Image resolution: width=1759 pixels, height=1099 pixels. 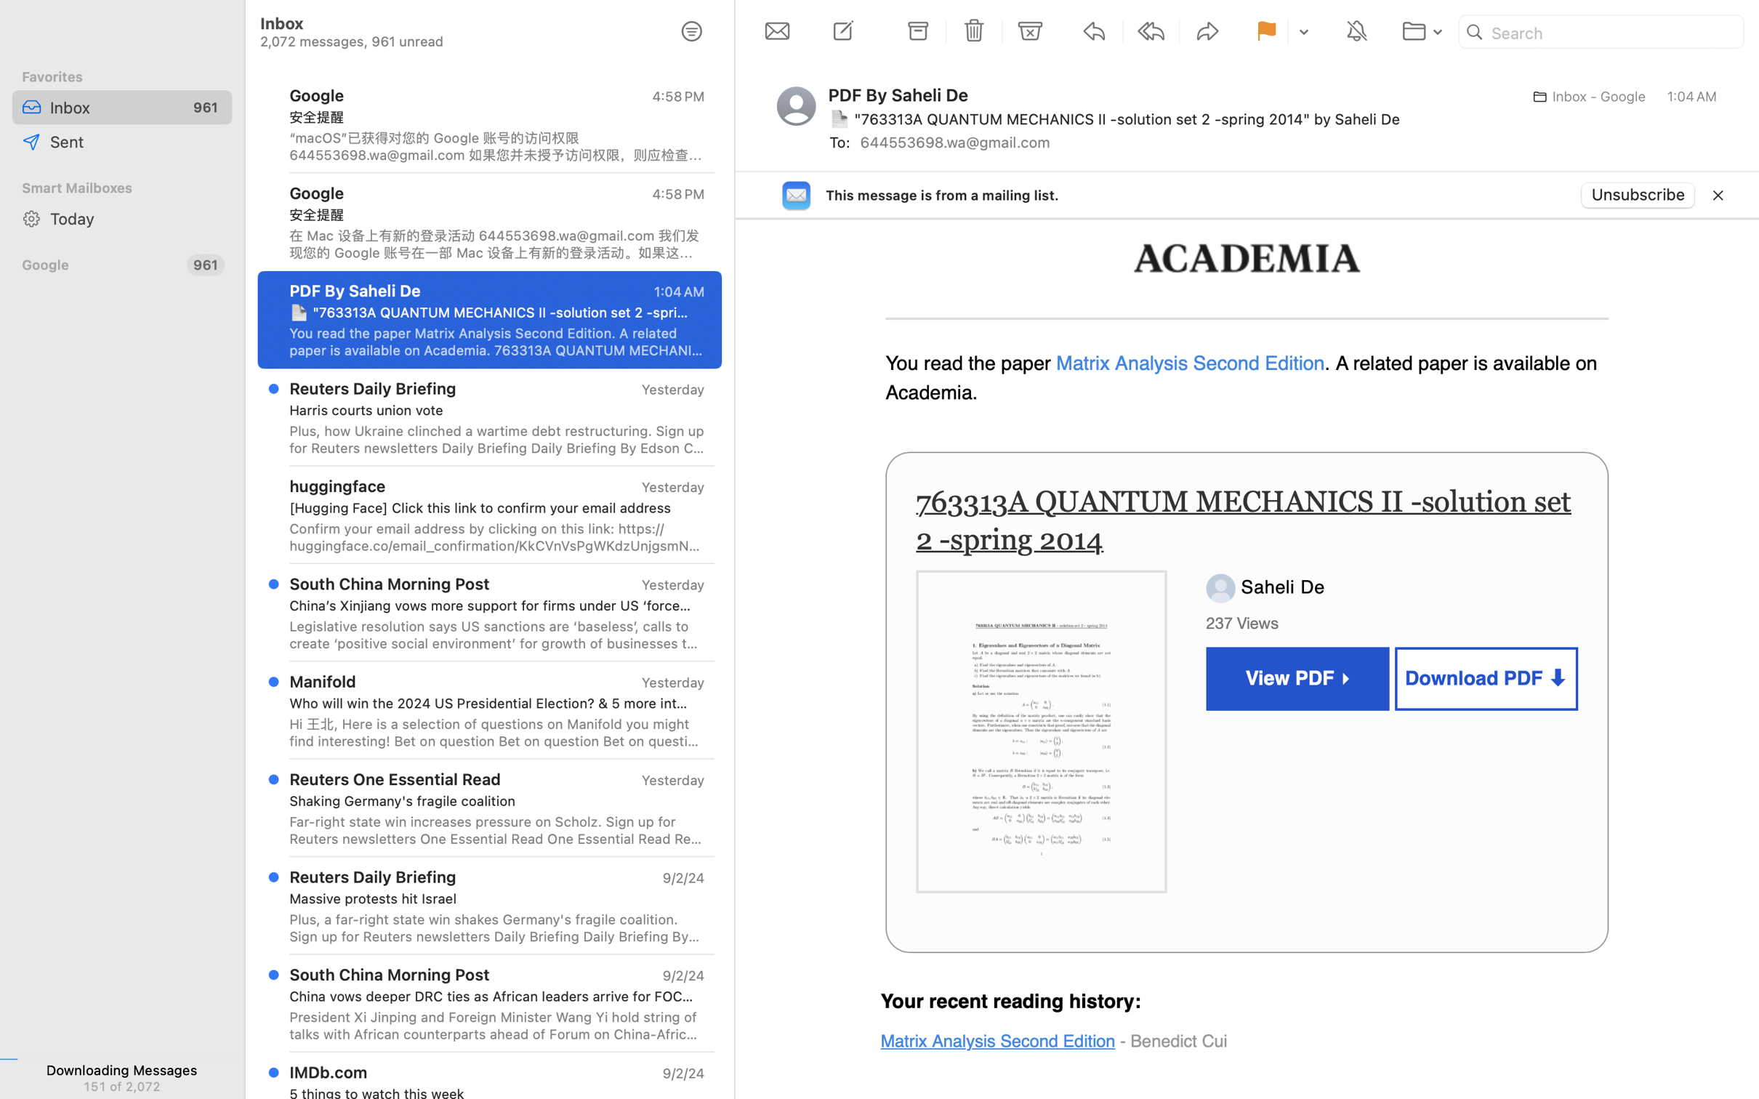 I want to click on '在 Mac 设备上有新的登录活动 644553698.wa@gmail.com 我们发现您的 Google 账号在一部 Mac 设备上有新的登录活动。如果这是您本人的操作，那么您无需采取任何行动。如果这不是您本人的操作，我们会帮助您保护您的账号。 查看活动 您也可以访问以下网址查看安全性活动： https://myaccount.google.com/notifications 我们向您发送这封电子邮件，目的是让您了解关于您的 Google 账号和服务的重大变化。 © 2024 Google LLC, 1600 Amphitheatre Parkway, Mountain View, CA 94043, USA', so click(x=496, y=243).